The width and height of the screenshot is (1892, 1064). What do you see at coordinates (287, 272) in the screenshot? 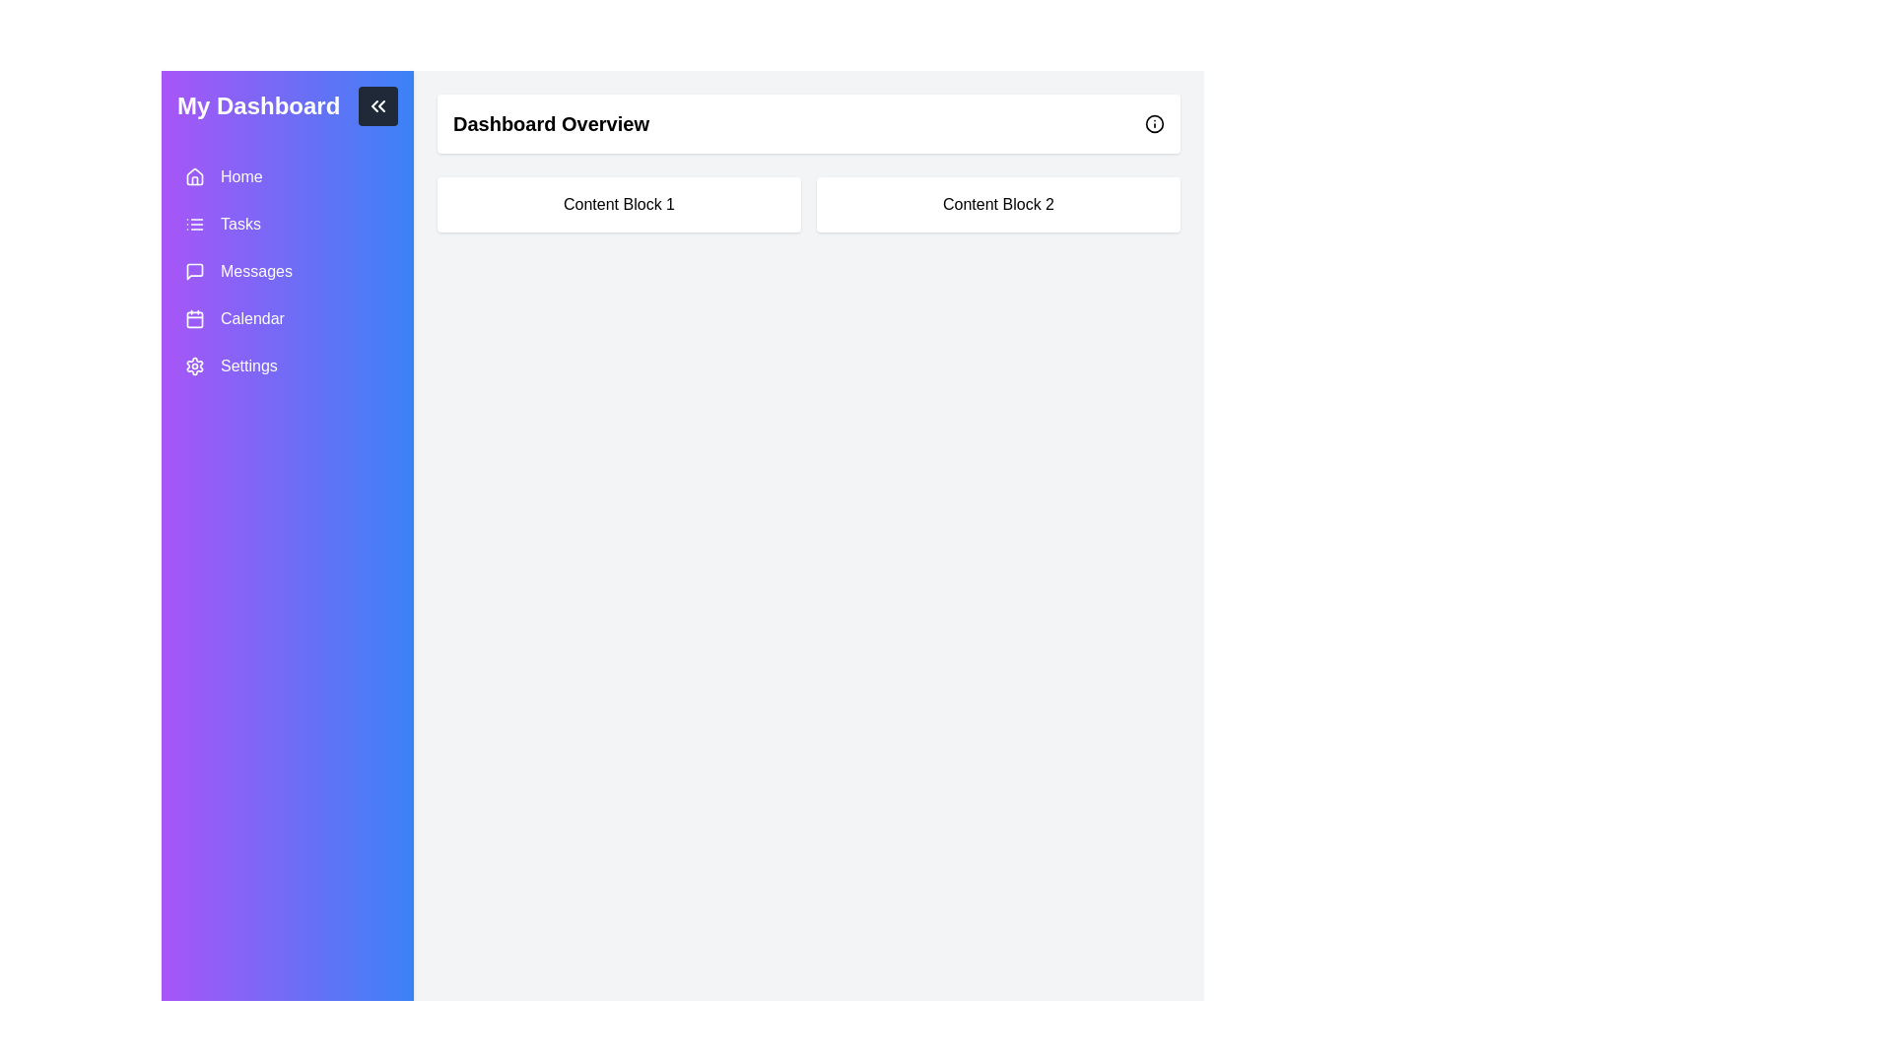
I see `the 'Messages' button in the sidebar menu` at bounding box center [287, 272].